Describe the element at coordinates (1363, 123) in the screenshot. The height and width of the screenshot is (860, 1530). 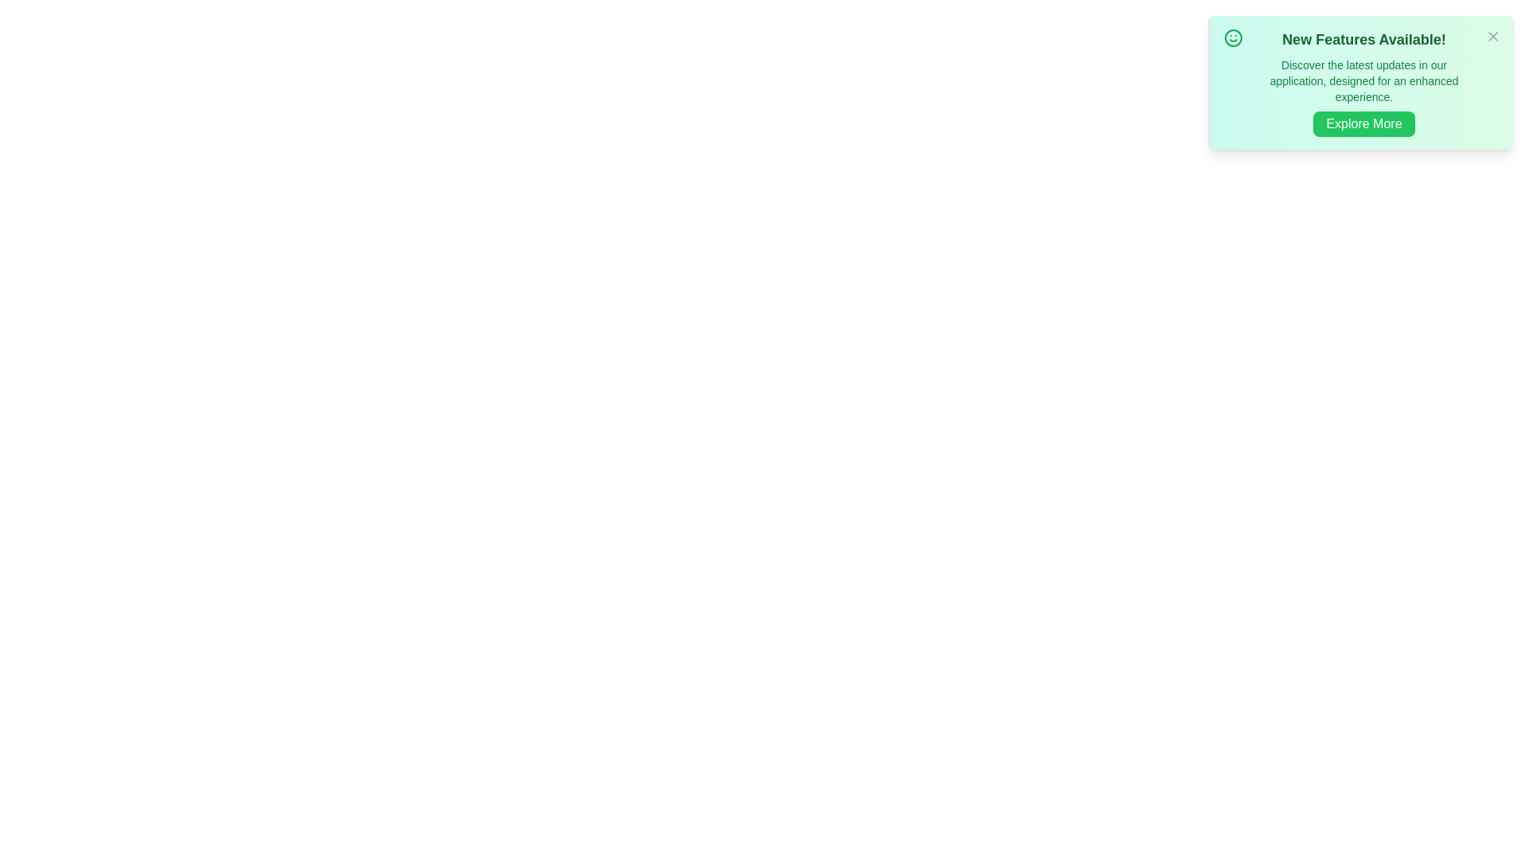
I see `the 'Explore More' button` at that location.